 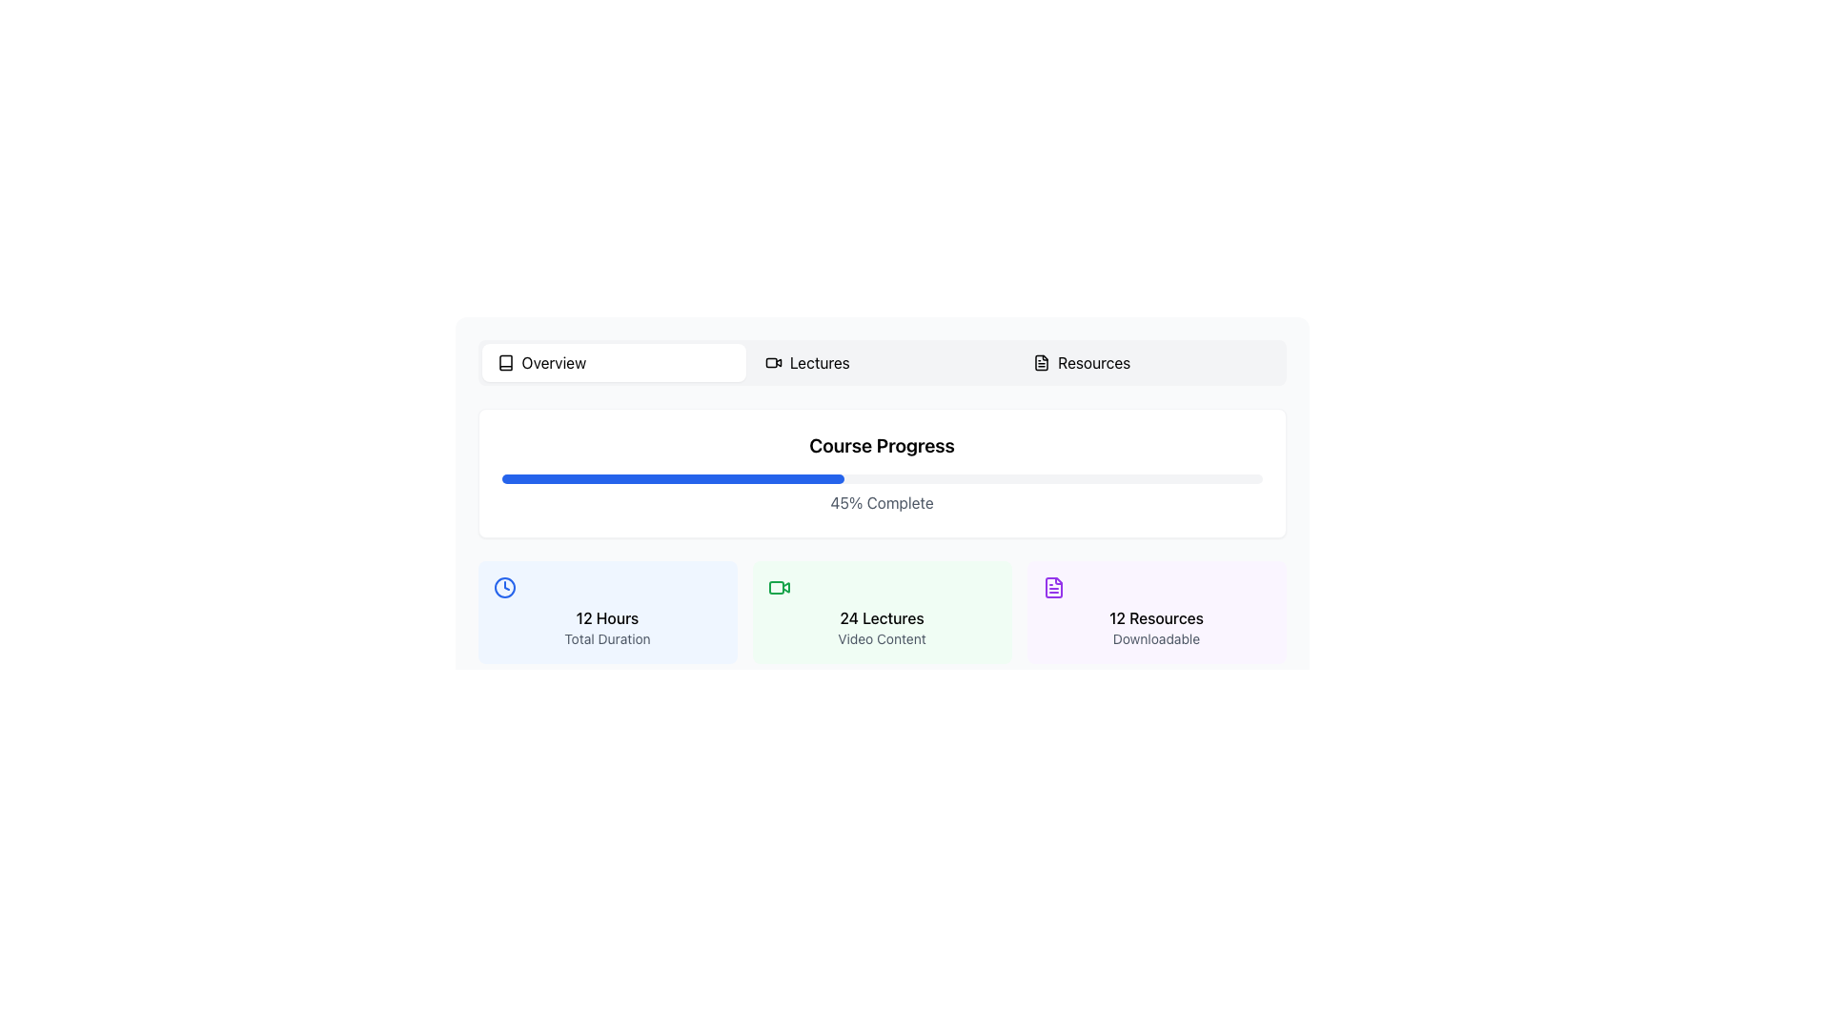 I want to click on the Navigation bar, so click(x=881, y=363).